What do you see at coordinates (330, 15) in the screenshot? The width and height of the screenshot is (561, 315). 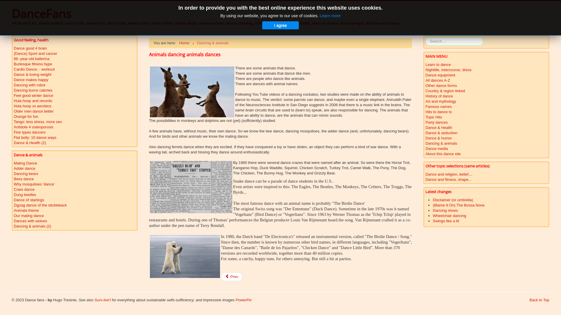 I see `'Learn more'` at bounding box center [330, 15].